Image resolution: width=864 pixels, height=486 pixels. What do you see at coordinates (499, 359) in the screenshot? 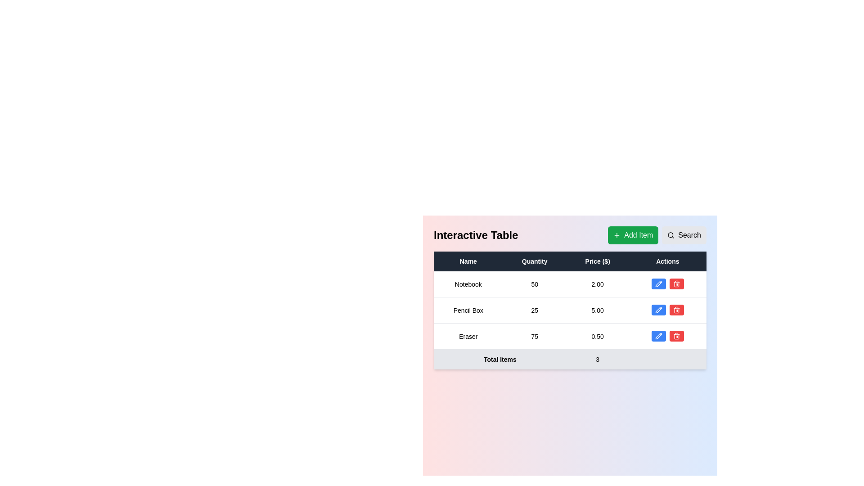
I see `the static text label indicating the total number of items in the table footer, located in the first column of the footer row, below the 'Name' column` at bounding box center [499, 359].